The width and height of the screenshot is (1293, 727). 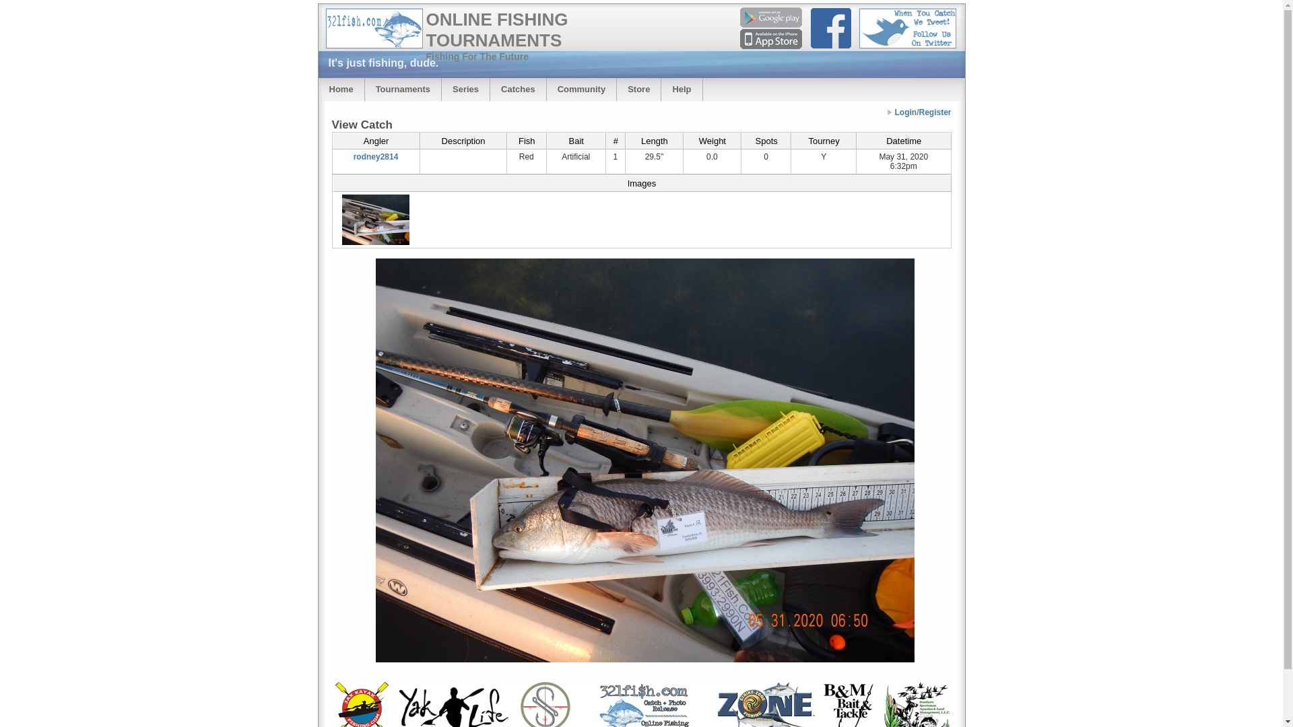 What do you see at coordinates (496, 30) in the screenshot?
I see `'ONLINE FISHING TOURNAMENTS'` at bounding box center [496, 30].